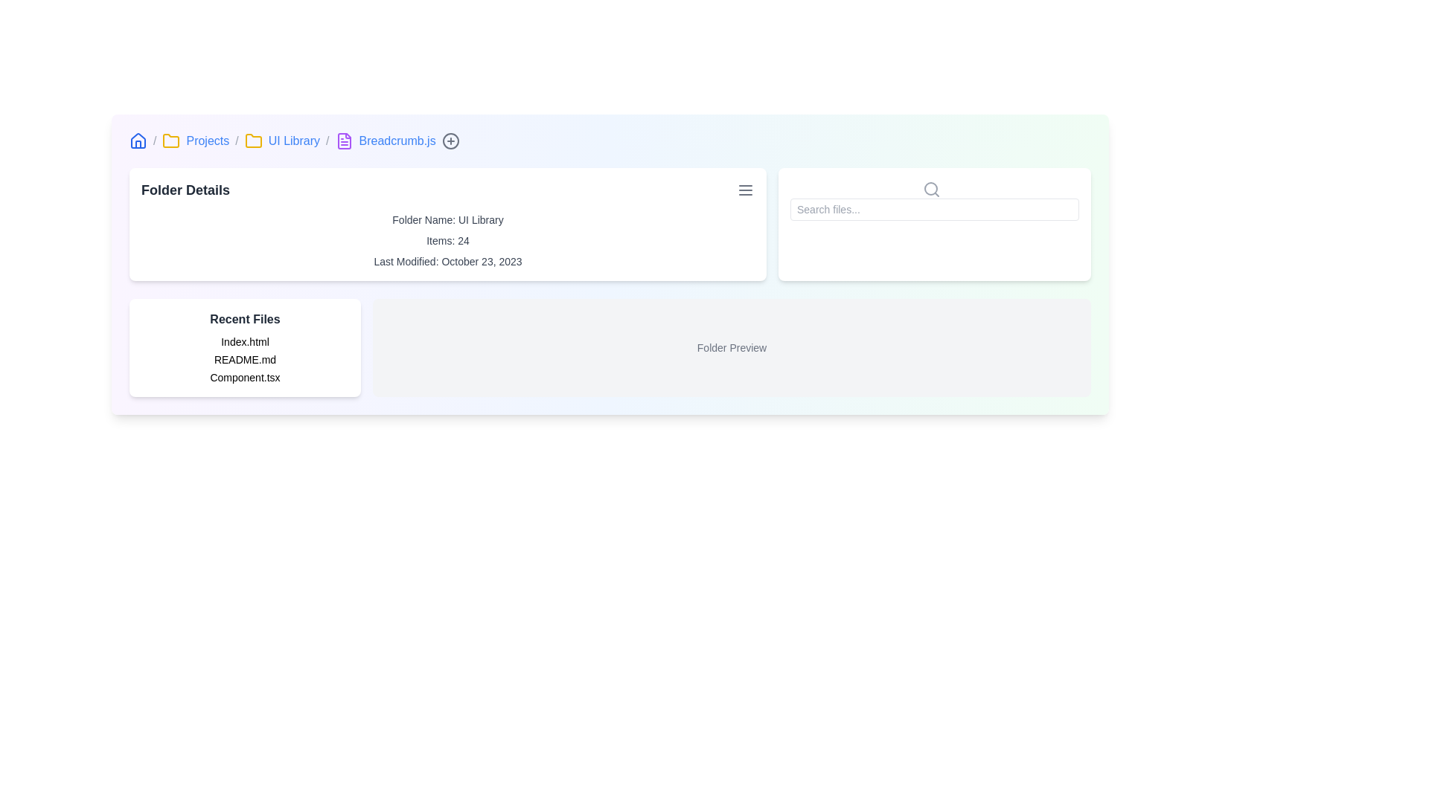 This screenshot has height=803, width=1429. I want to click on the text link labeled 'Projects' in the breadcrumb navigation bar, so click(207, 141).